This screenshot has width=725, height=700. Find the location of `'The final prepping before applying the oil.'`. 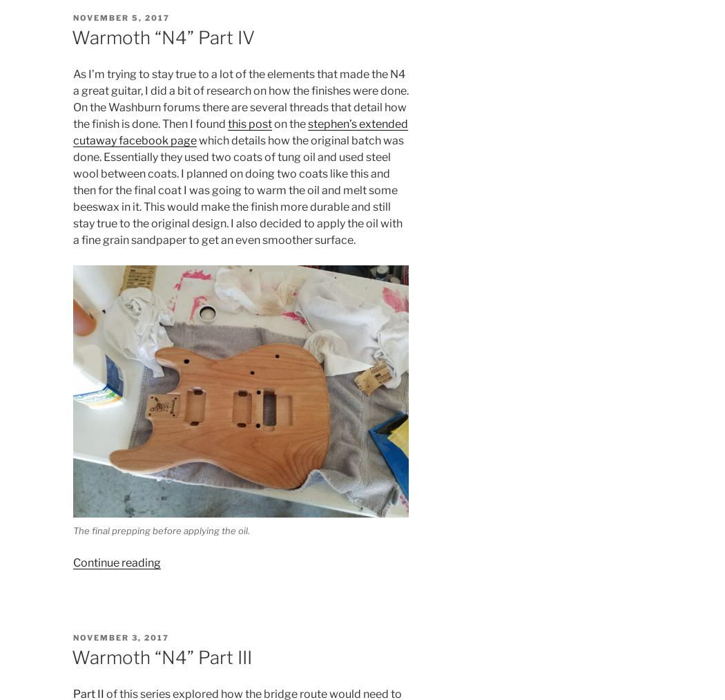

'The final prepping before applying the oil.' is located at coordinates (160, 530).